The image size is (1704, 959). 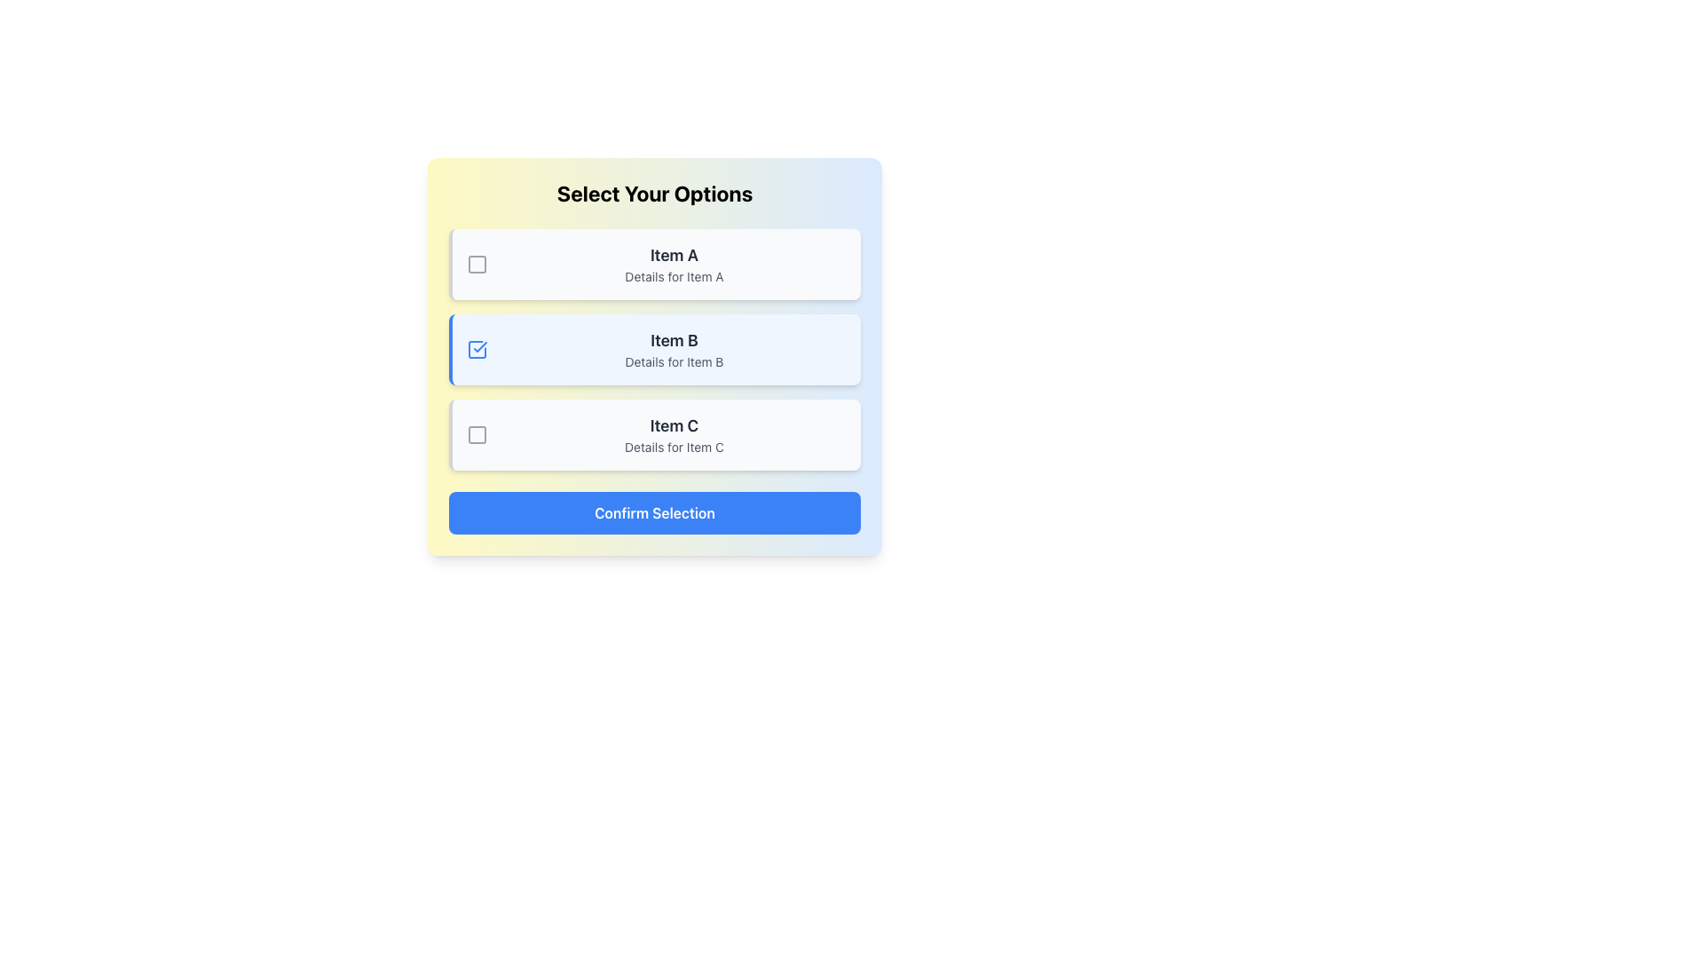 I want to click on text content displayed in the Text display element, which consists of a bold title 'Item B' and a smaller description 'Details for Item B', centered within a light blue background, so click(x=673, y=349).